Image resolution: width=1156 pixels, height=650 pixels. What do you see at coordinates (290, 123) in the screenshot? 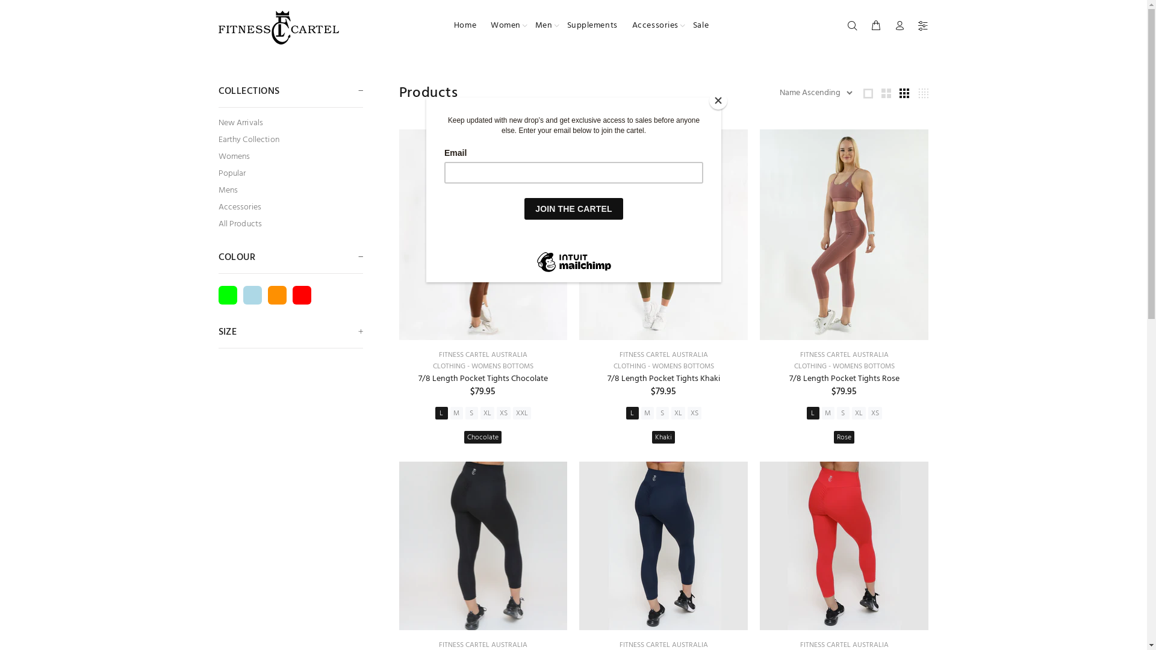
I see `'New Arrivals'` at bounding box center [290, 123].